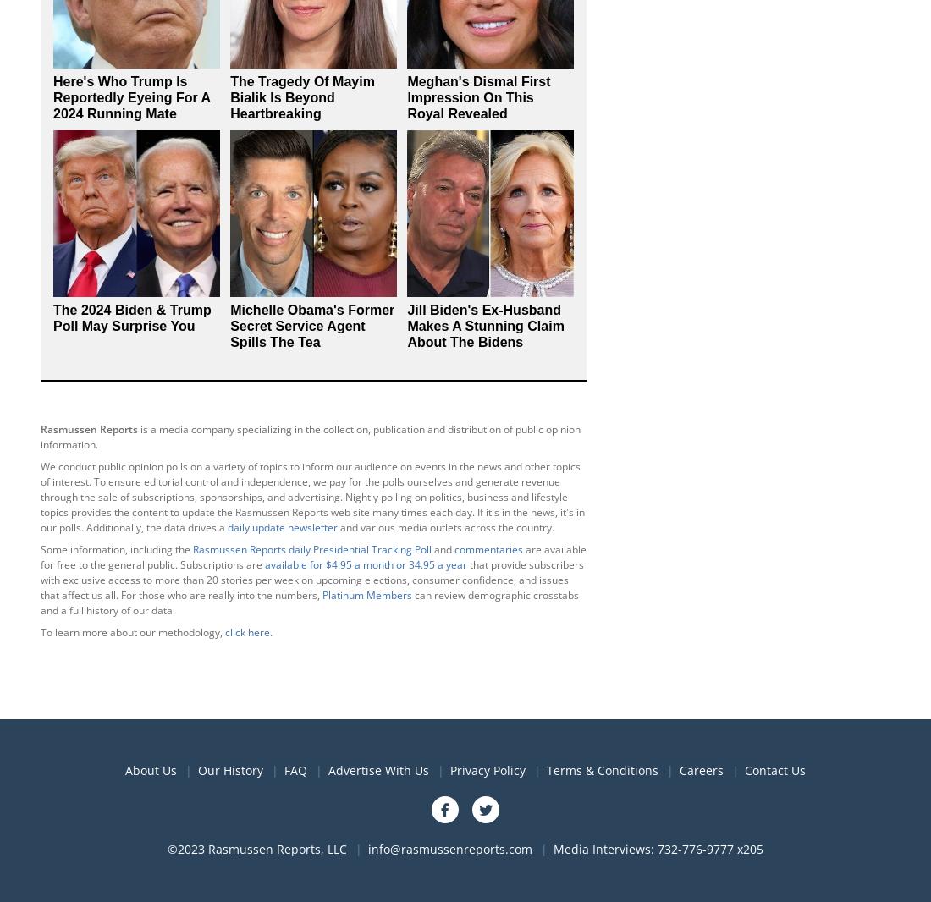 The image size is (931, 902). What do you see at coordinates (89, 428) in the screenshot?
I see `'Rasmussen Reports'` at bounding box center [89, 428].